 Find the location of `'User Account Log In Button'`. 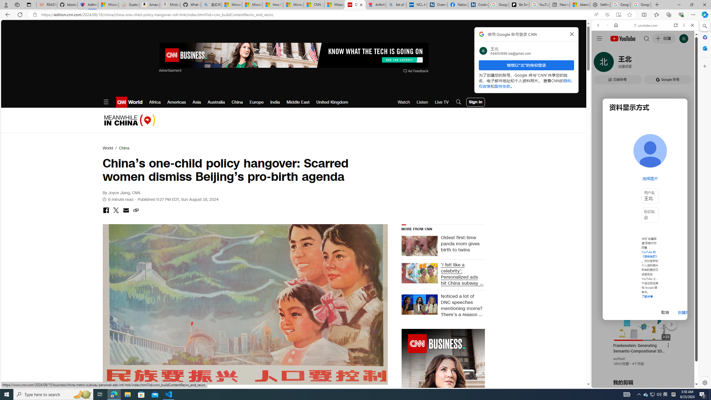

'User Account Log In Button' is located at coordinates (475, 102).